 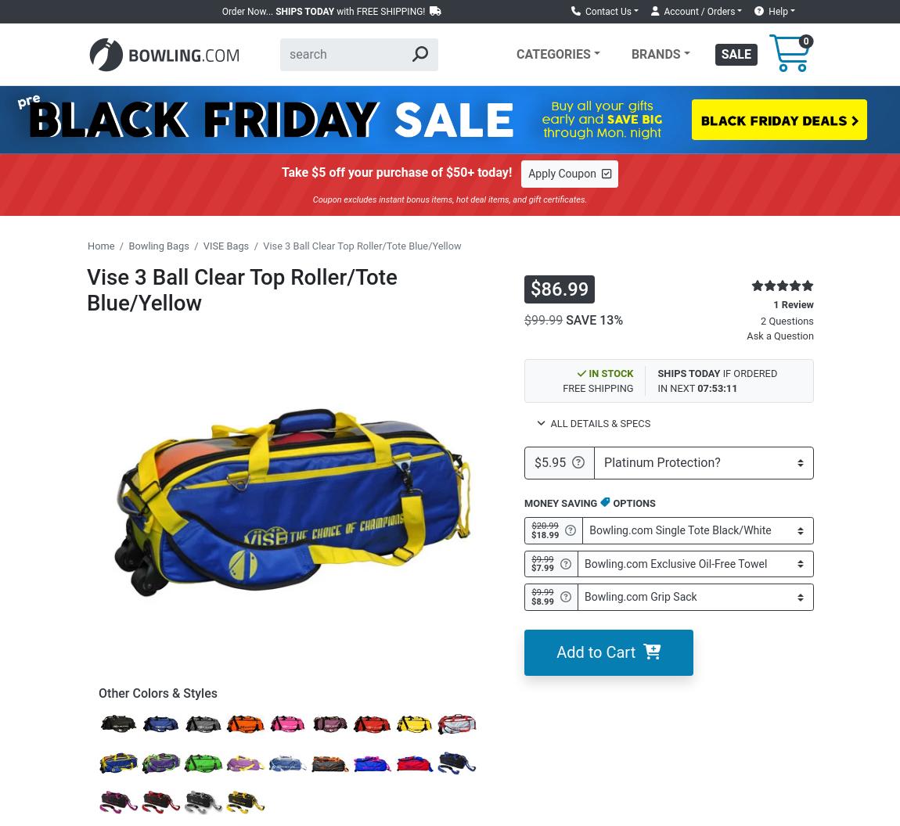 I want to click on 'Home', so click(x=100, y=245).